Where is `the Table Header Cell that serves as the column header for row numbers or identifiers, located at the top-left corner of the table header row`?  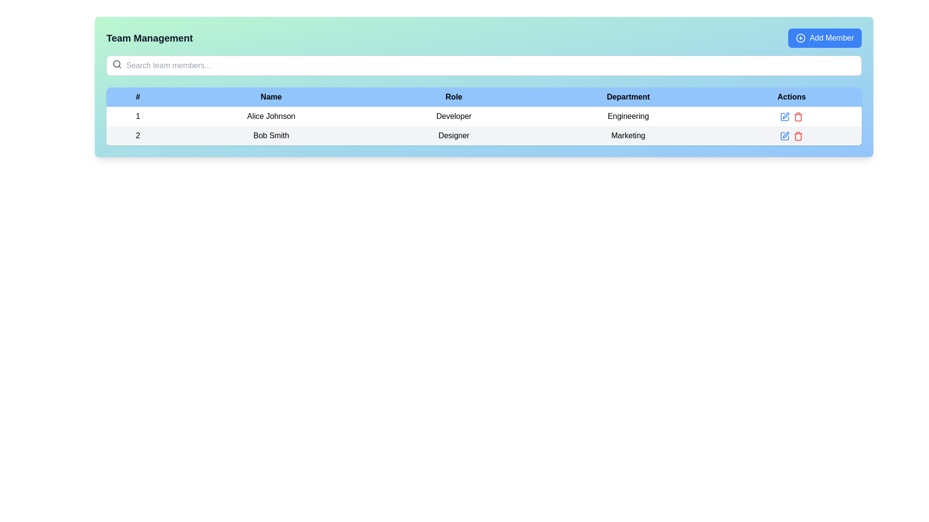 the Table Header Cell that serves as the column header for row numbers or identifiers, located at the top-left corner of the table header row is located at coordinates (137, 97).